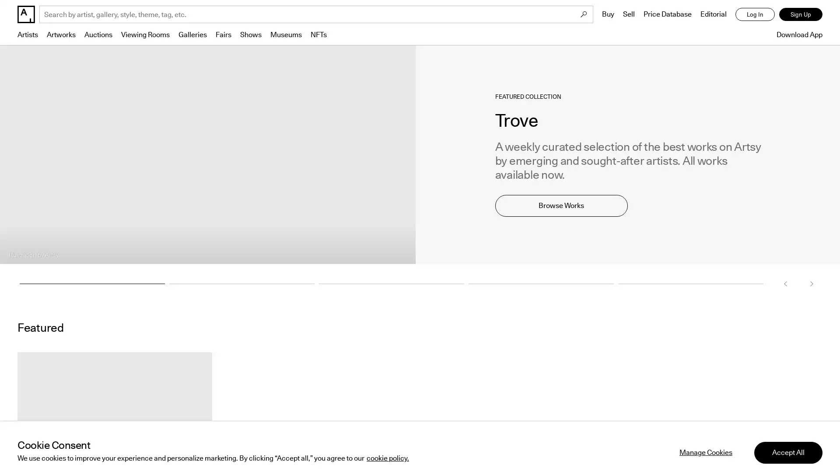 The height and width of the screenshot is (472, 840). What do you see at coordinates (801, 14) in the screenshot?
I see `Sign Up` at bounding box center [801, 14].